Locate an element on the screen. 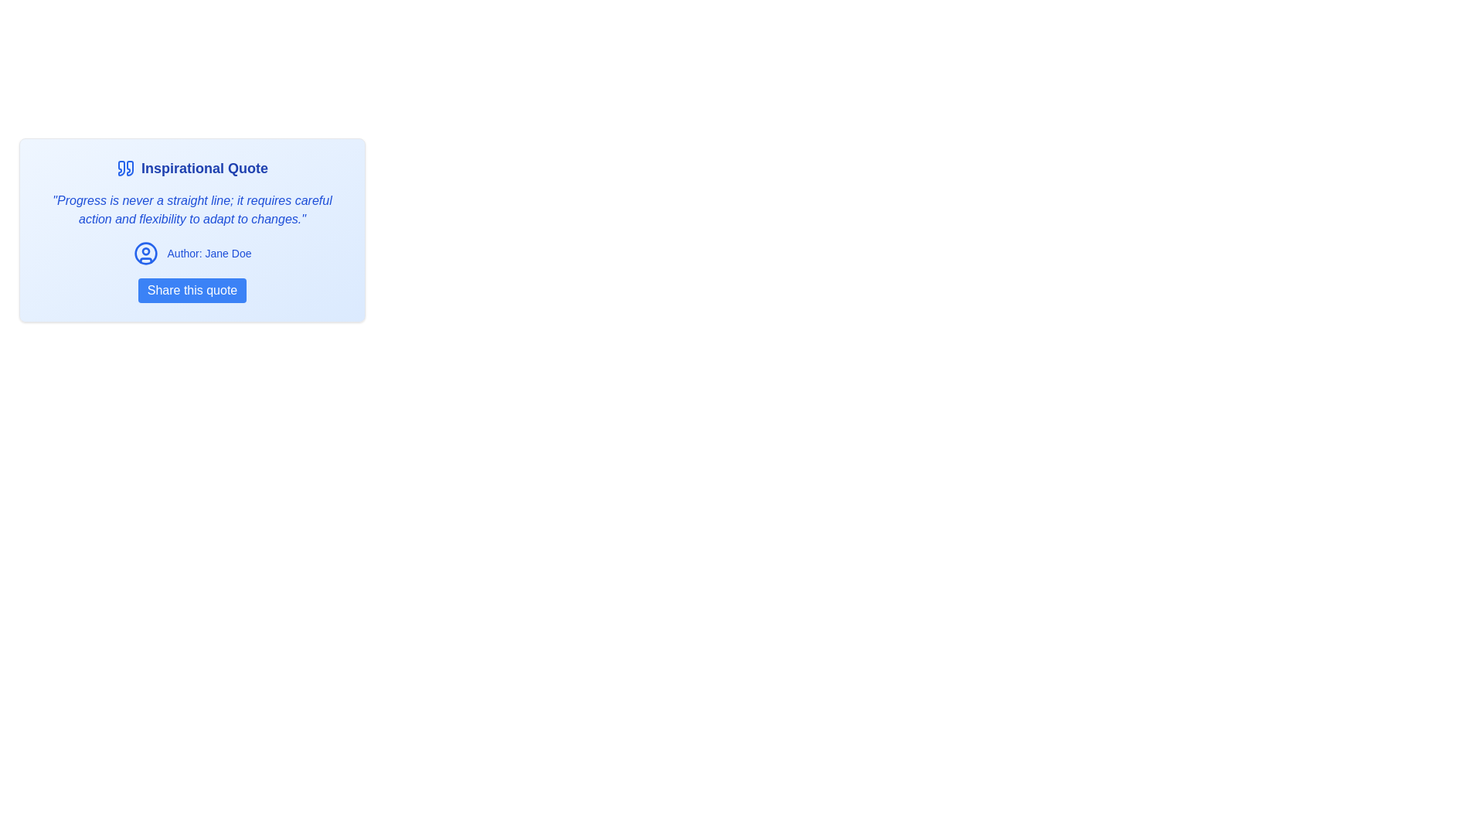  the outer boundary circle of the user avatar icon located in the central lower section of the quote widget is located at coordinates (145, 252).